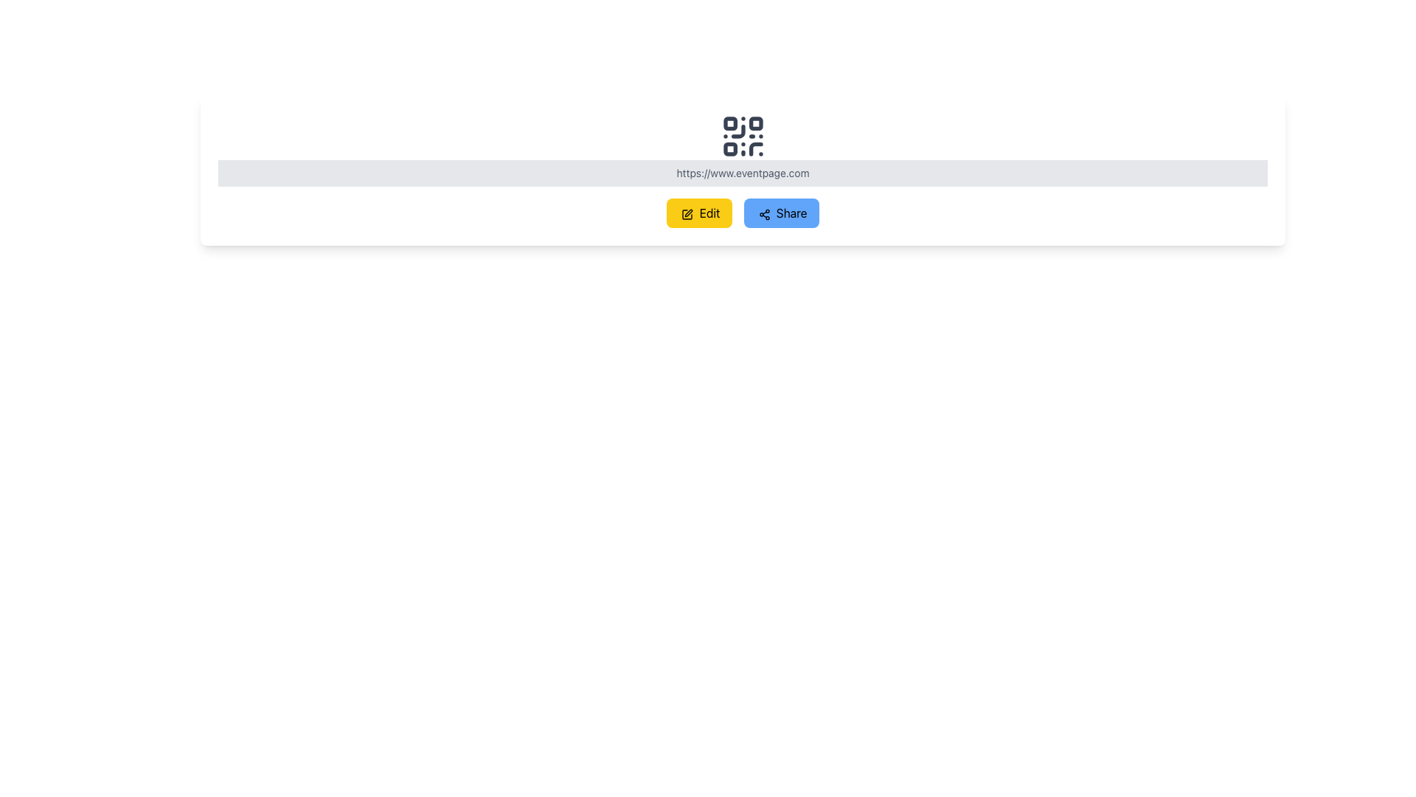 This screenshot has width=1416, height=797. I want to click on the icon that is visually part of the 'Edit' button, located to the left of the blue 'Share' button, so click(687, 214).